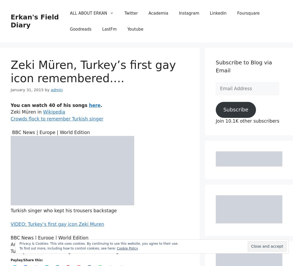 This screenshot has width=293, height=266. Describe the element at coordinates (127, 248) in the screenshot. I see `'Cookie Policy'` at that location.